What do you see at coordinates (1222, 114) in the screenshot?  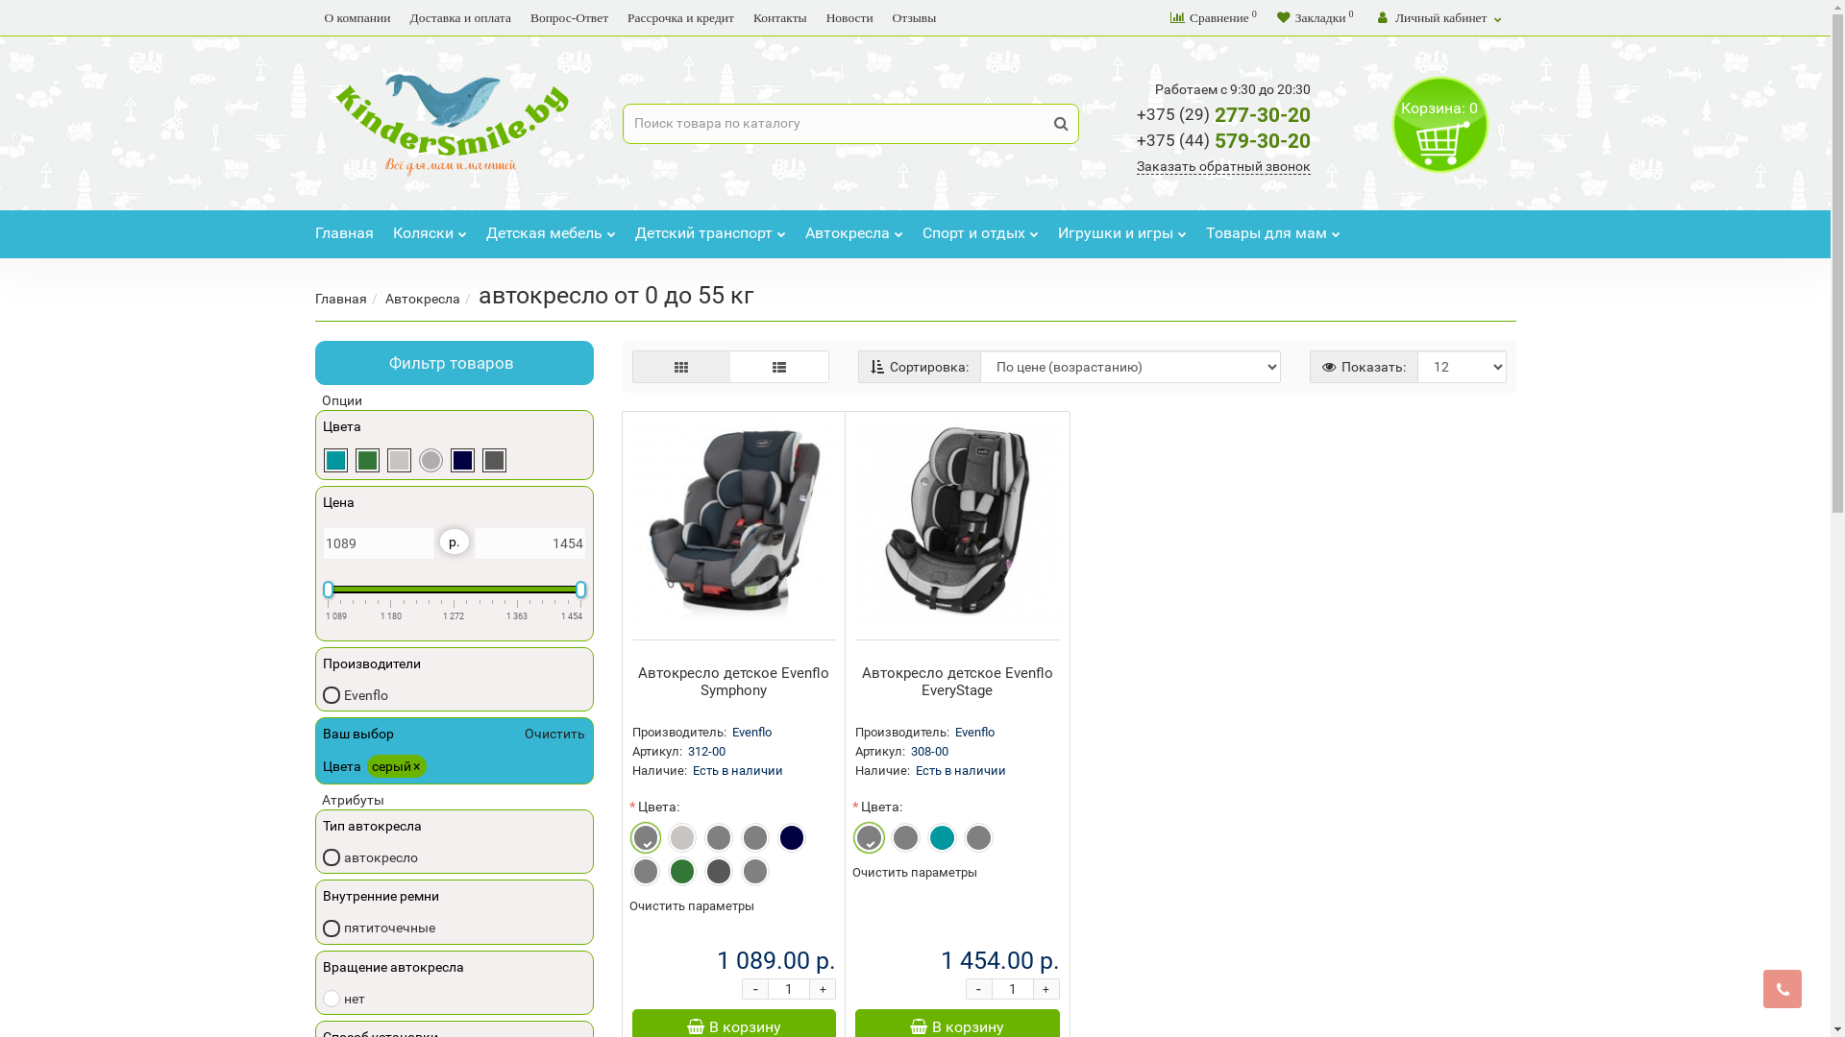 I see `'+375 (29) 277-30-20'` at bounding box center [1222, 114].